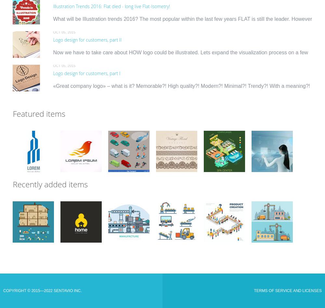 This screenshot has width=325, height=308. Describe the element at coordinates (128, 230) in the screenshot. I see `'Linear Flat industrial manufacture conveyor machine vector illustration. Business product production process concept.">'` at that location.